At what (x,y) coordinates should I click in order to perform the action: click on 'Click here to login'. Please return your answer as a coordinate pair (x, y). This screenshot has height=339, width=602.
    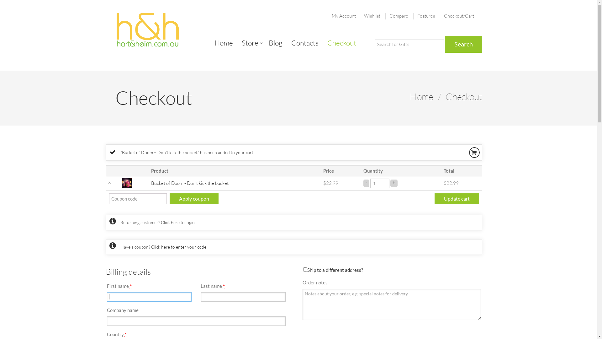
    Looking at the image, I should click on (177, 222).